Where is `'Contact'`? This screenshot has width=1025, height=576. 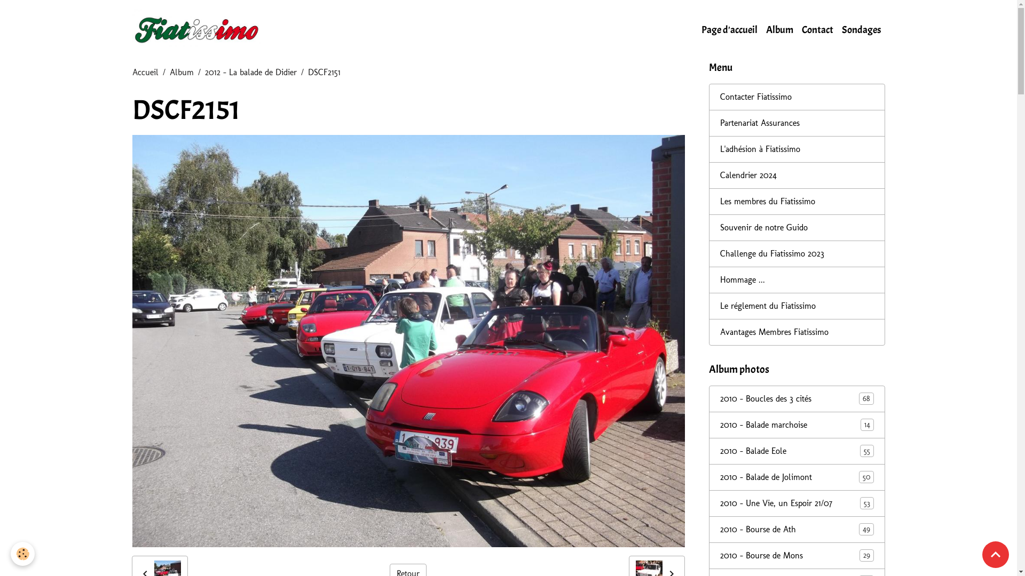
'Contact' is located at coordinates (817, 29).